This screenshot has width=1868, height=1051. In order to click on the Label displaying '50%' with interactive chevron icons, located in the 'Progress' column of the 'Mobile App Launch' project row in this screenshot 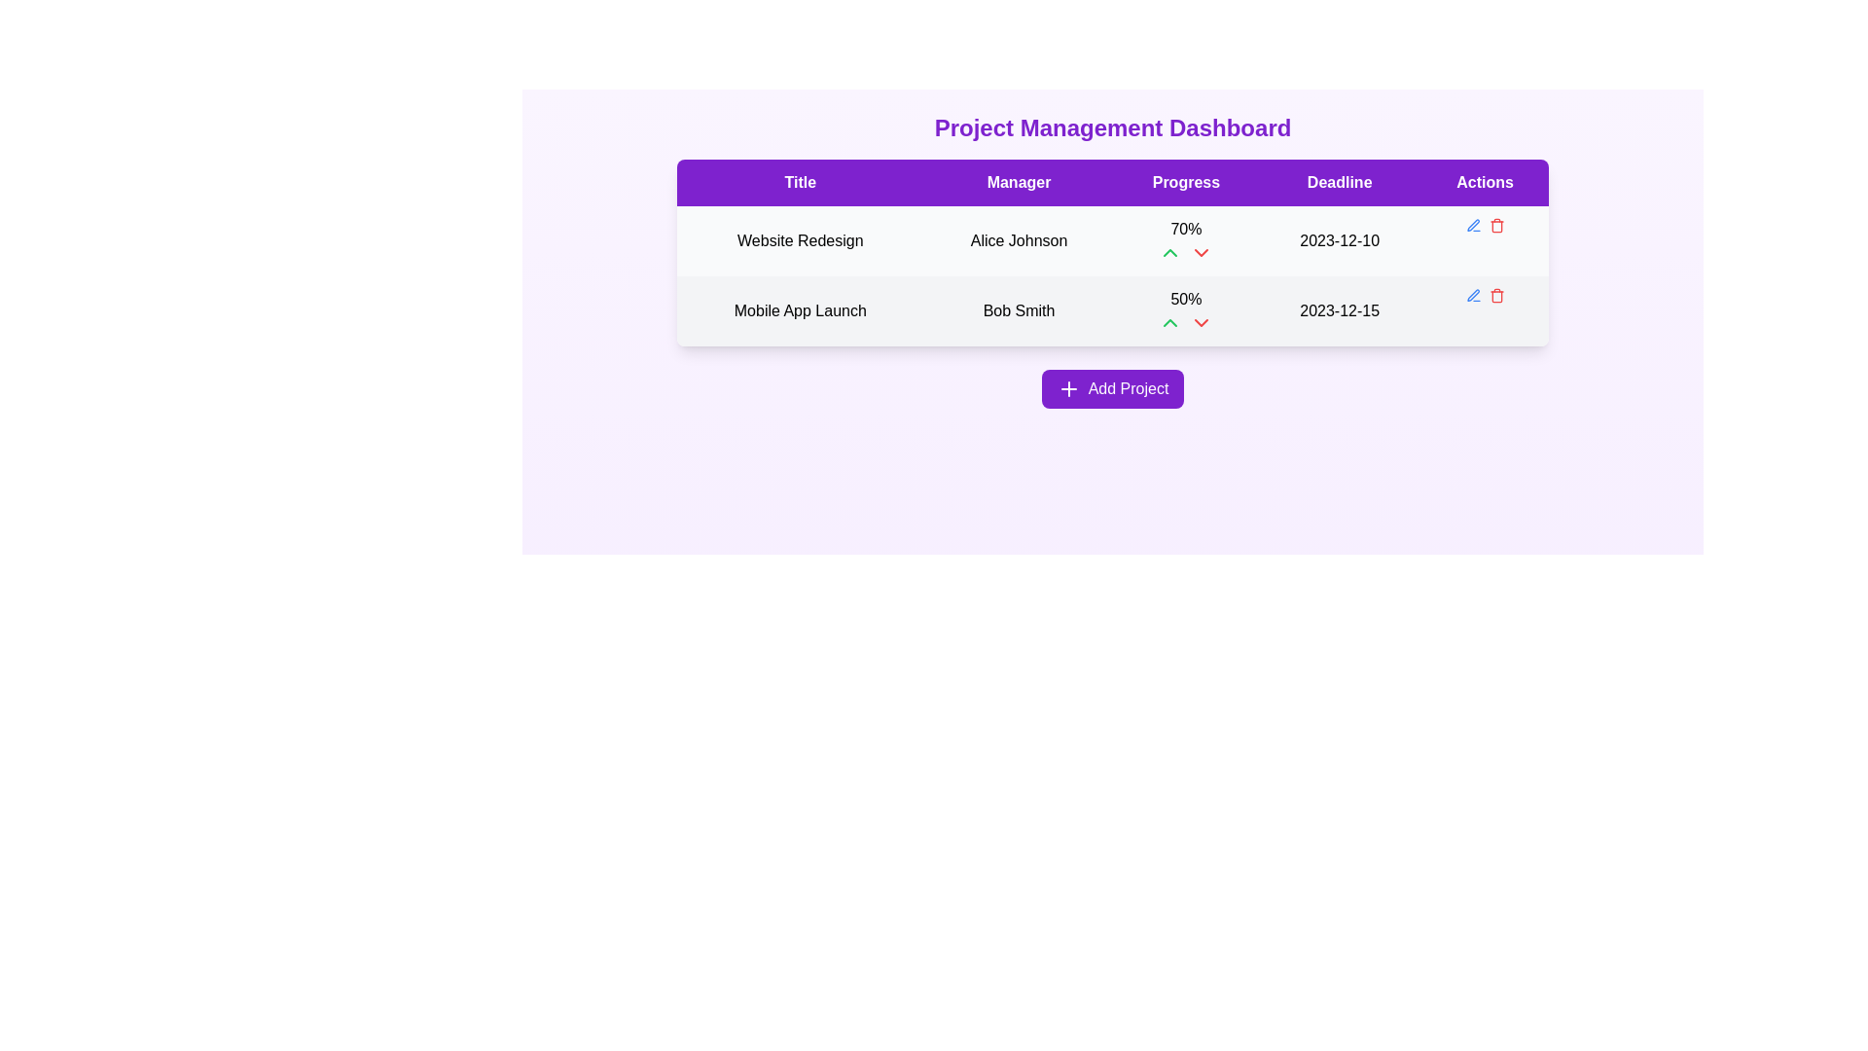, I will do `click(1185, 310)`.